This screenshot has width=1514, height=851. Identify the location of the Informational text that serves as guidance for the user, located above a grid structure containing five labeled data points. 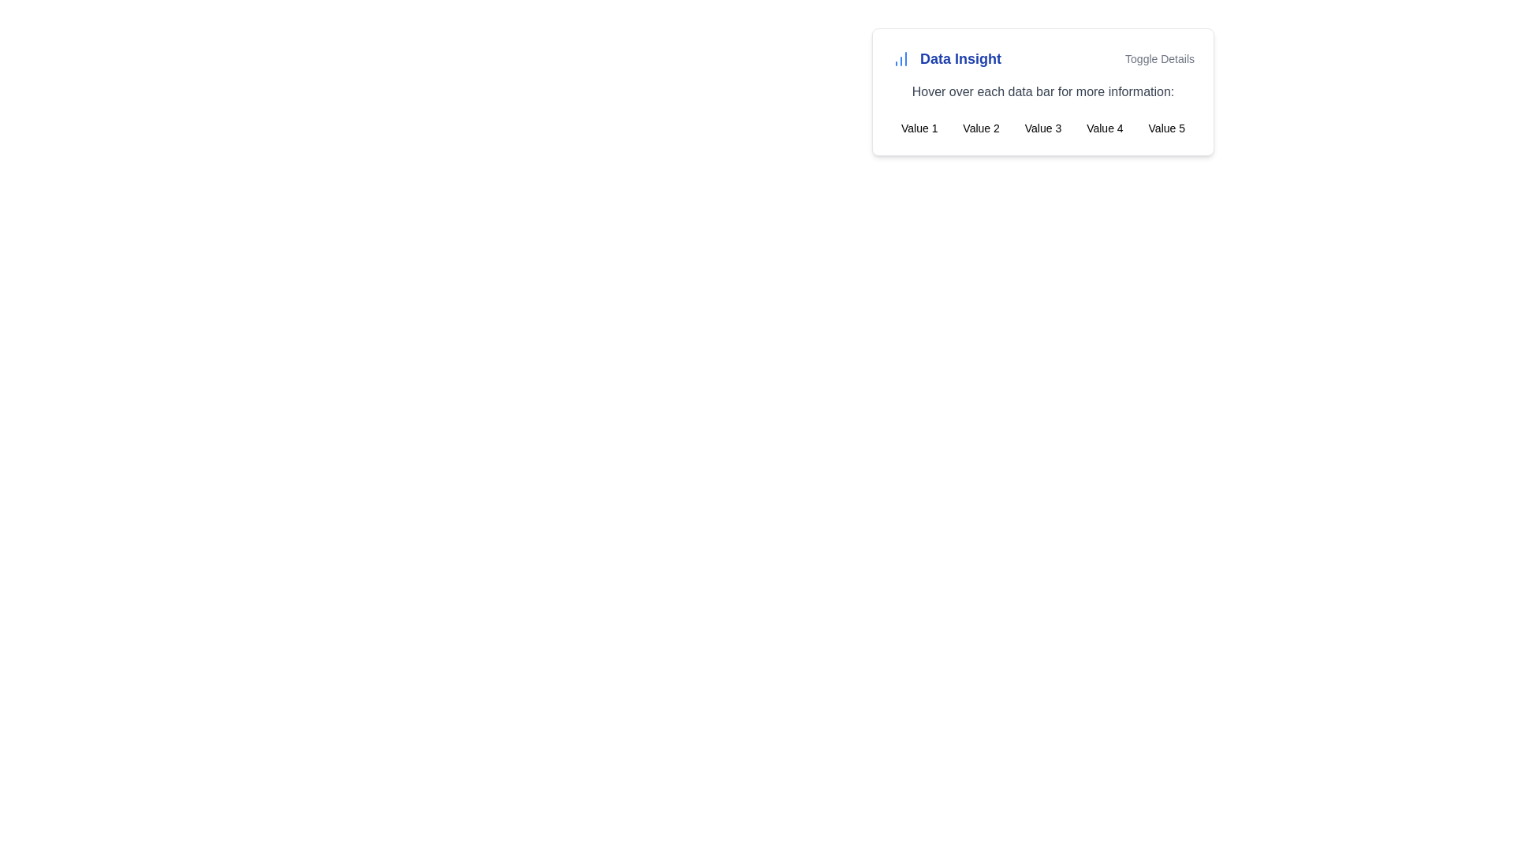
(1043, 91).